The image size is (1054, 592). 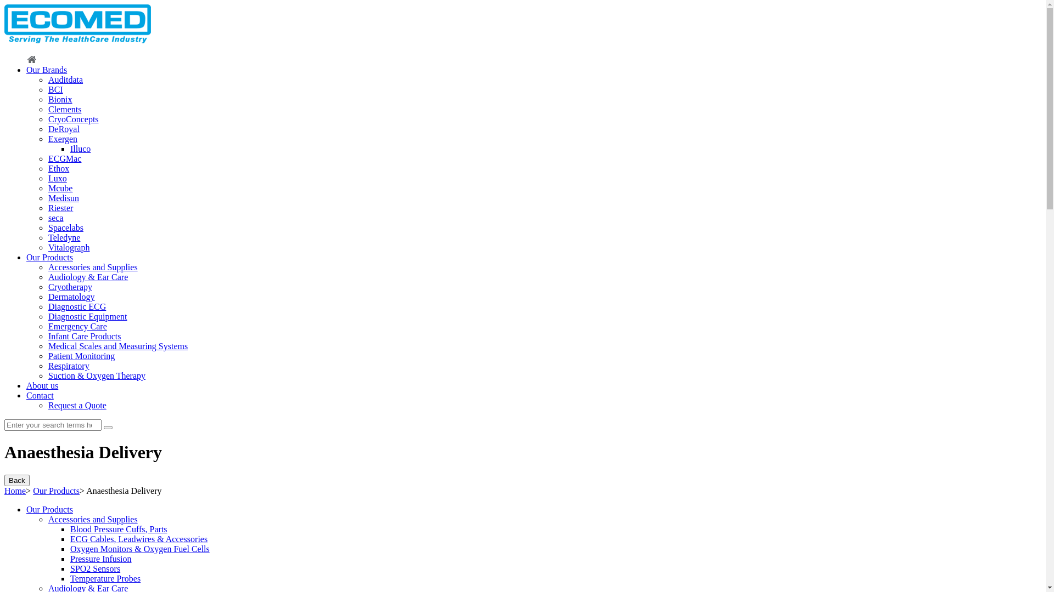 I want to click on 'Exergen', so click(x=62, y=138).